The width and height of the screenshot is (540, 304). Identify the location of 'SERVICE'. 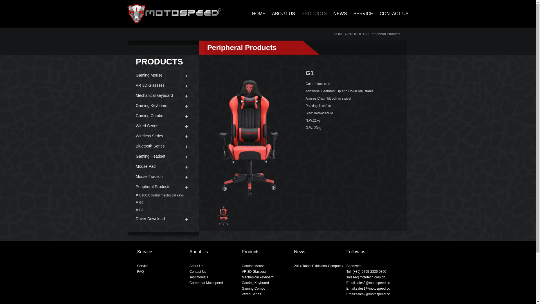
(360, 13).